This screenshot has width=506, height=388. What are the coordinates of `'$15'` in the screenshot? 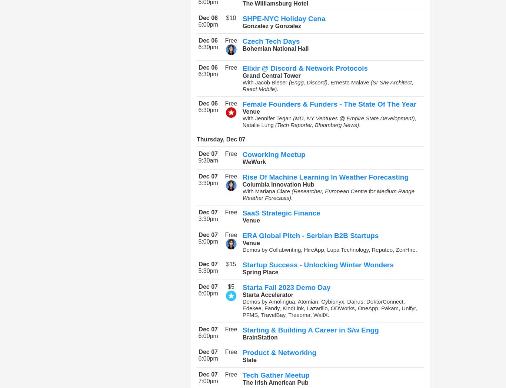 It's located at (226, 264).